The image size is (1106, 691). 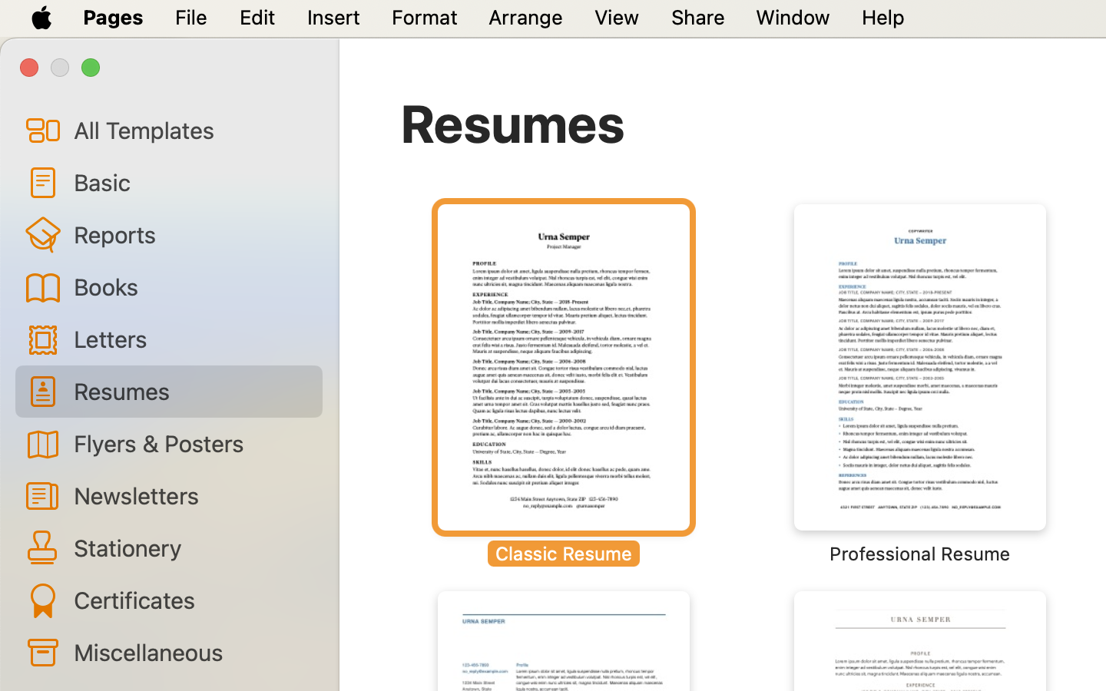 What do you see at coordinates (190, 495) in the screenshot?
I see `'Newsletters'` at bounding box center [190, 495].